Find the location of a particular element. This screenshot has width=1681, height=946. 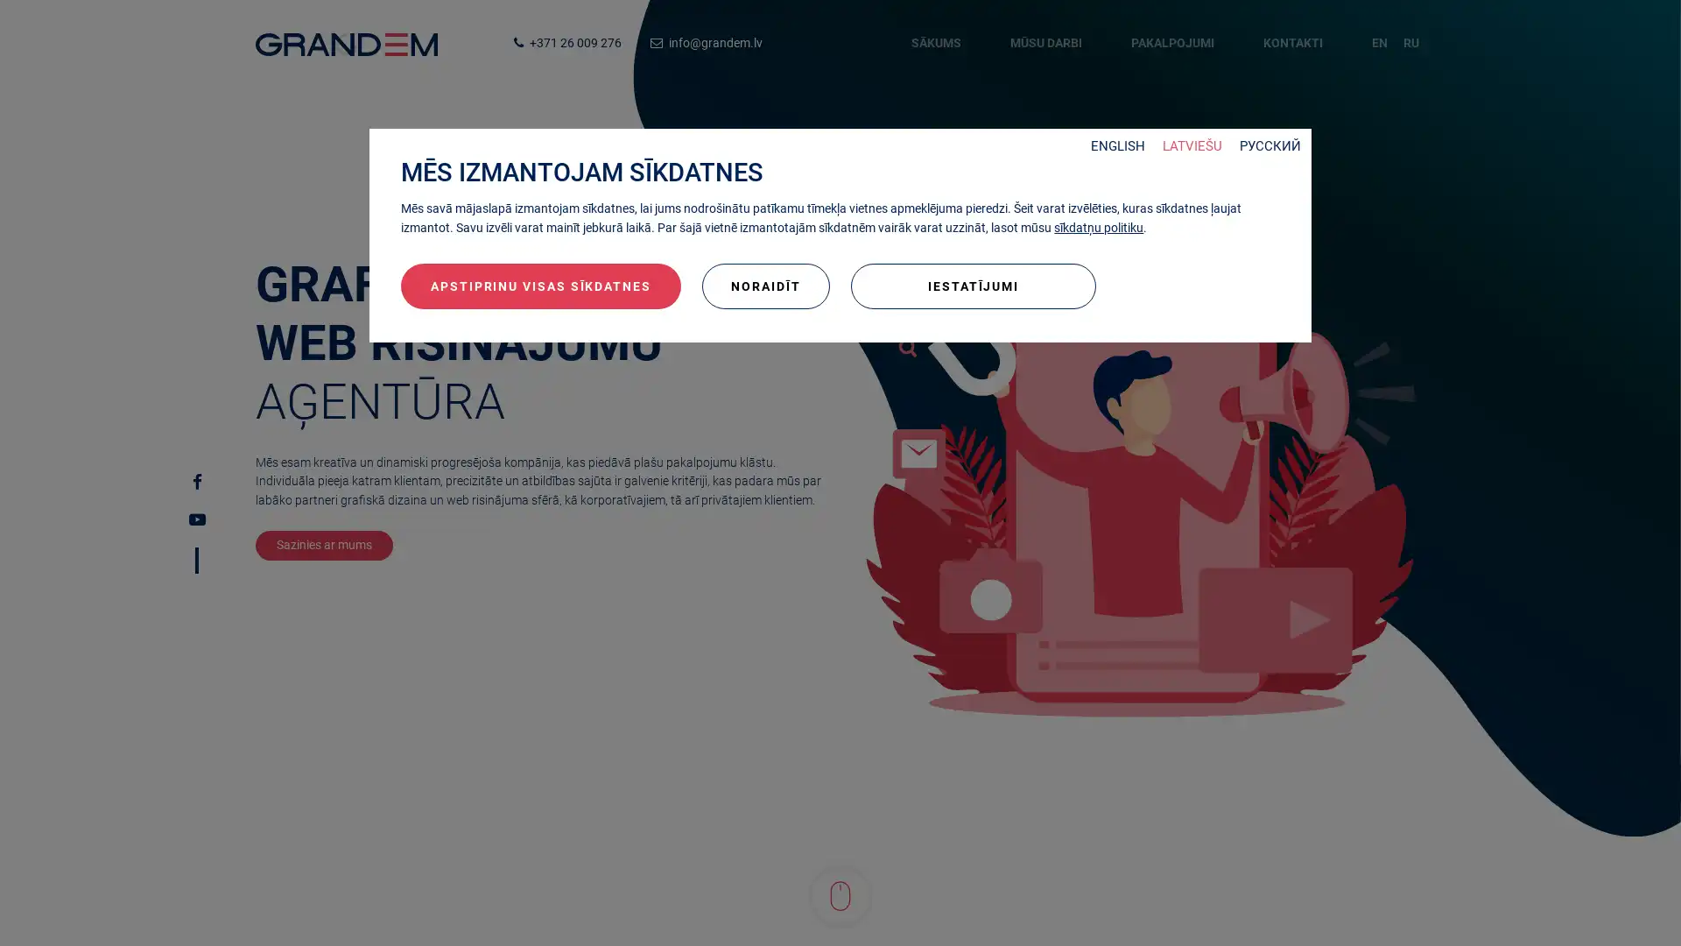

APSTIPRINU VISAS SIKDATNES is located at coordinates (539, 286).